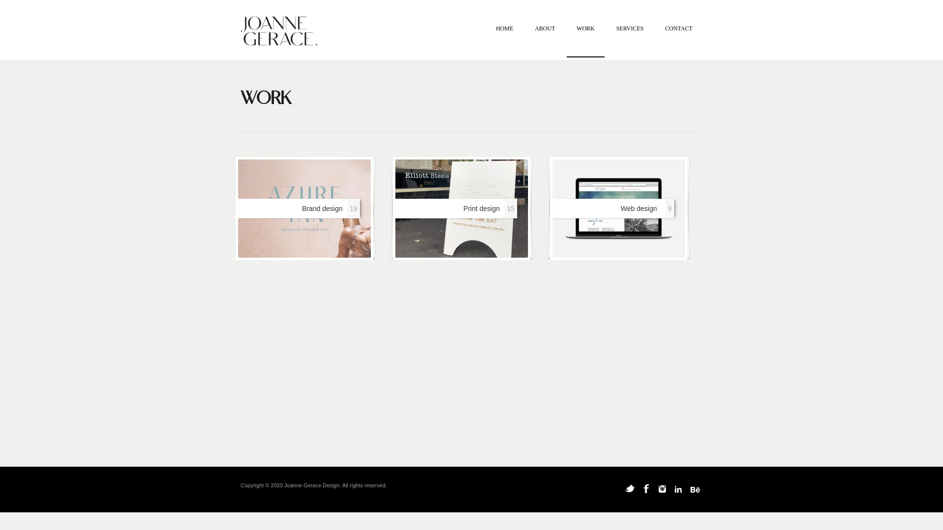 This screenshot has height=530, width=943. What do you see at coordinates (525, 40) in the screenshot?
I see `'ABOUT'` at bounding box center [525, 40].